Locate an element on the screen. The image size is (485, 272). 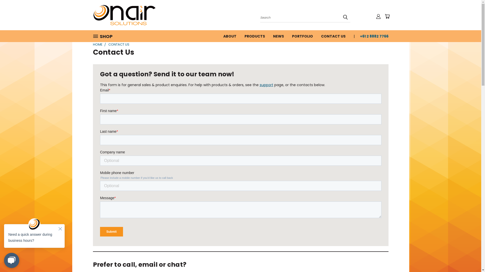
'CONTACT US' is located at coordinates (316, 36).